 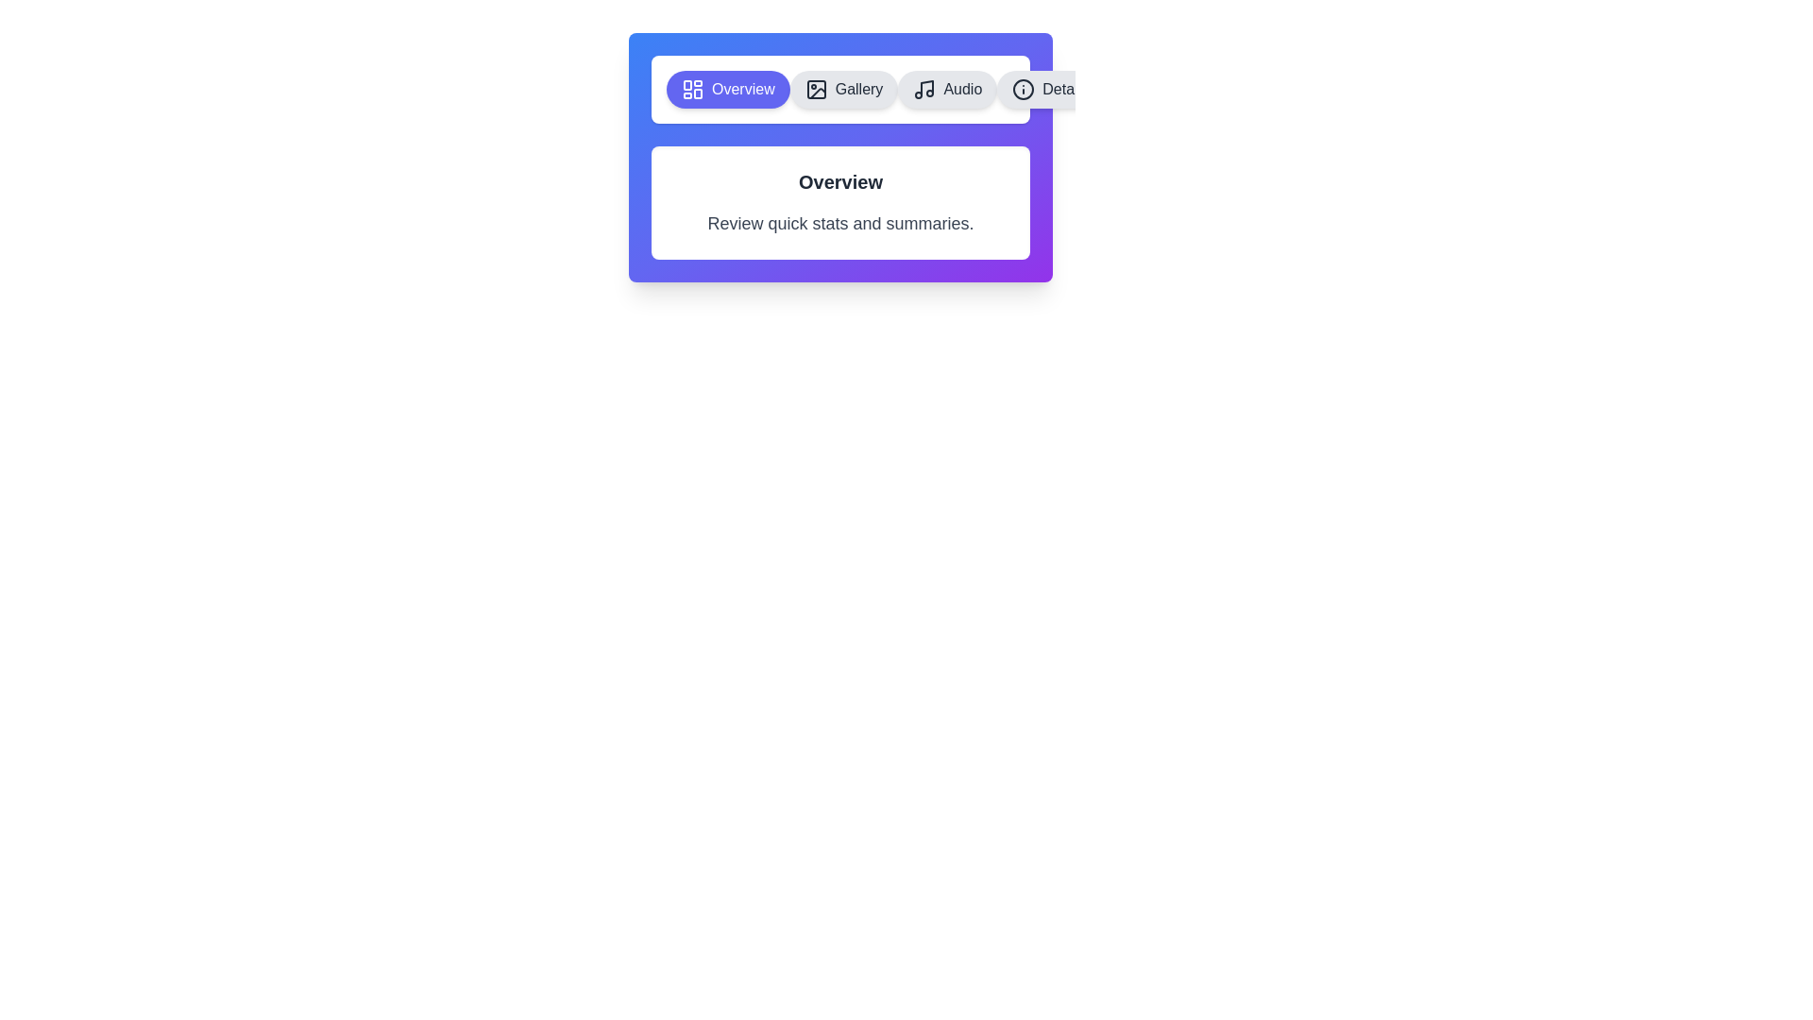 I want to click on the Details tab, so click(x=1050, y=90).